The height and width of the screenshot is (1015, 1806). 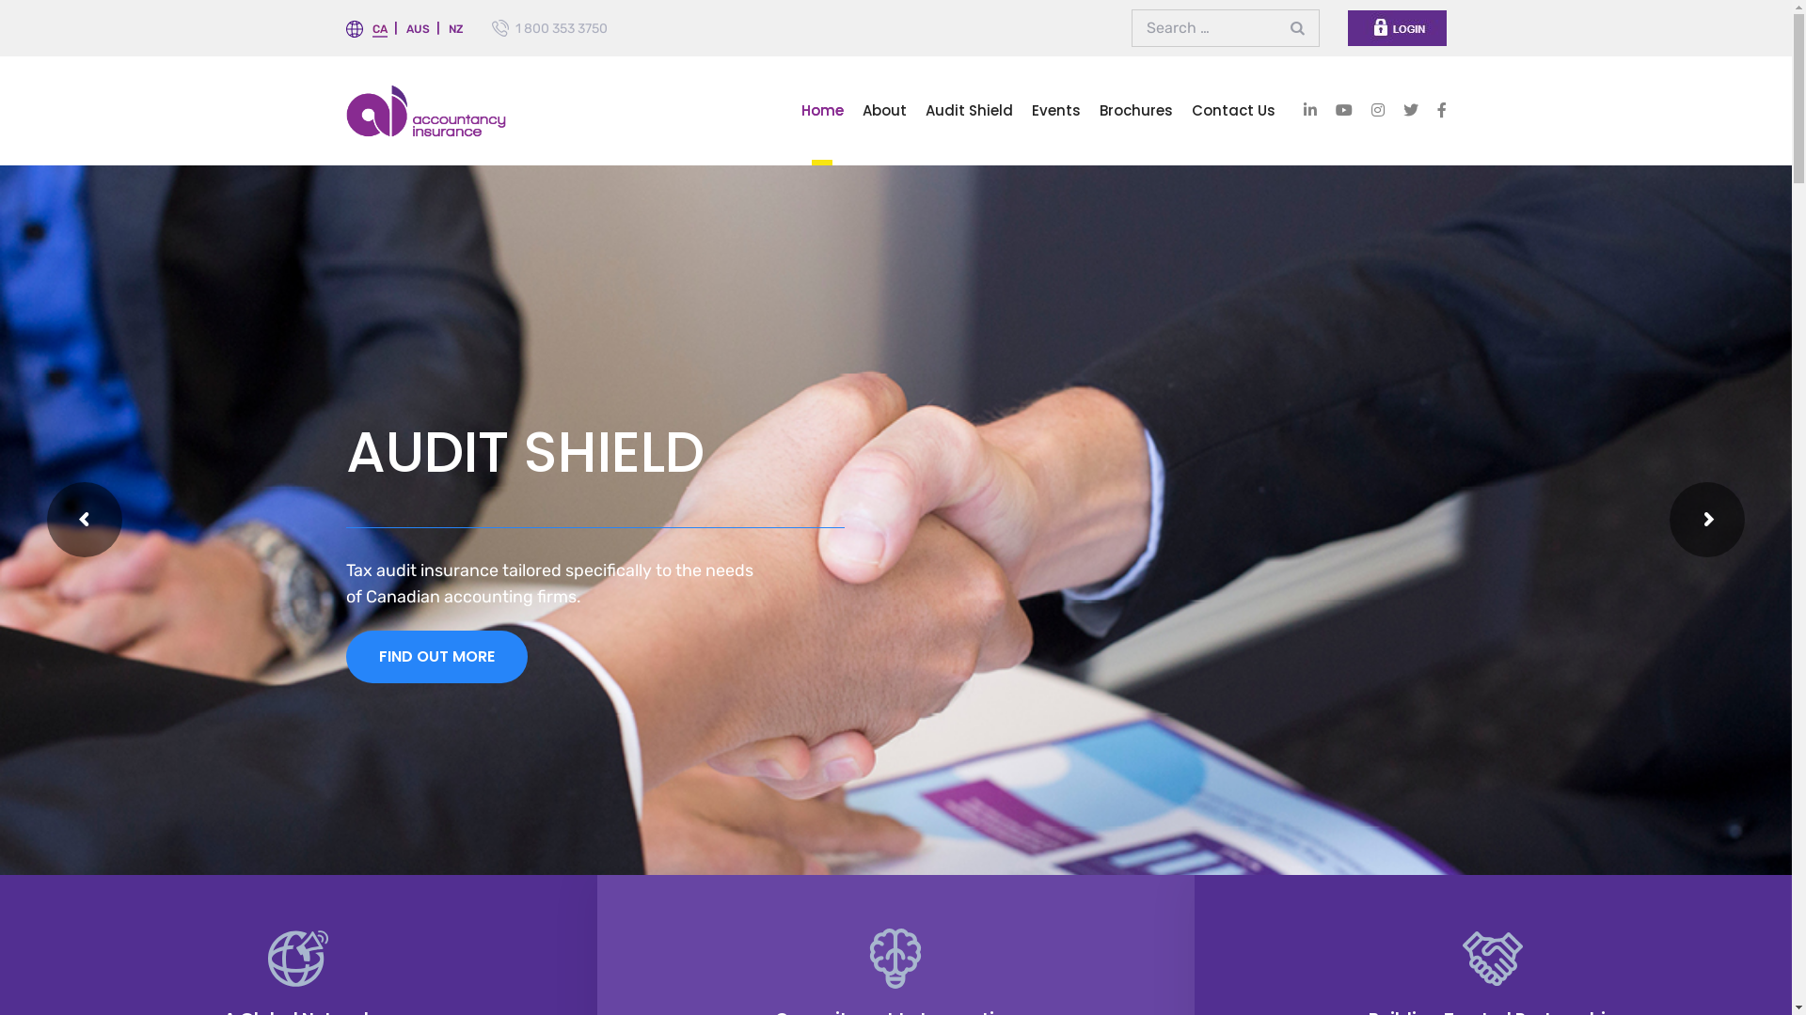 What do you see at coordinates (1232, 110) in the screenshot?
I see `'Contact Us'` at bounding box center [1232, 110].